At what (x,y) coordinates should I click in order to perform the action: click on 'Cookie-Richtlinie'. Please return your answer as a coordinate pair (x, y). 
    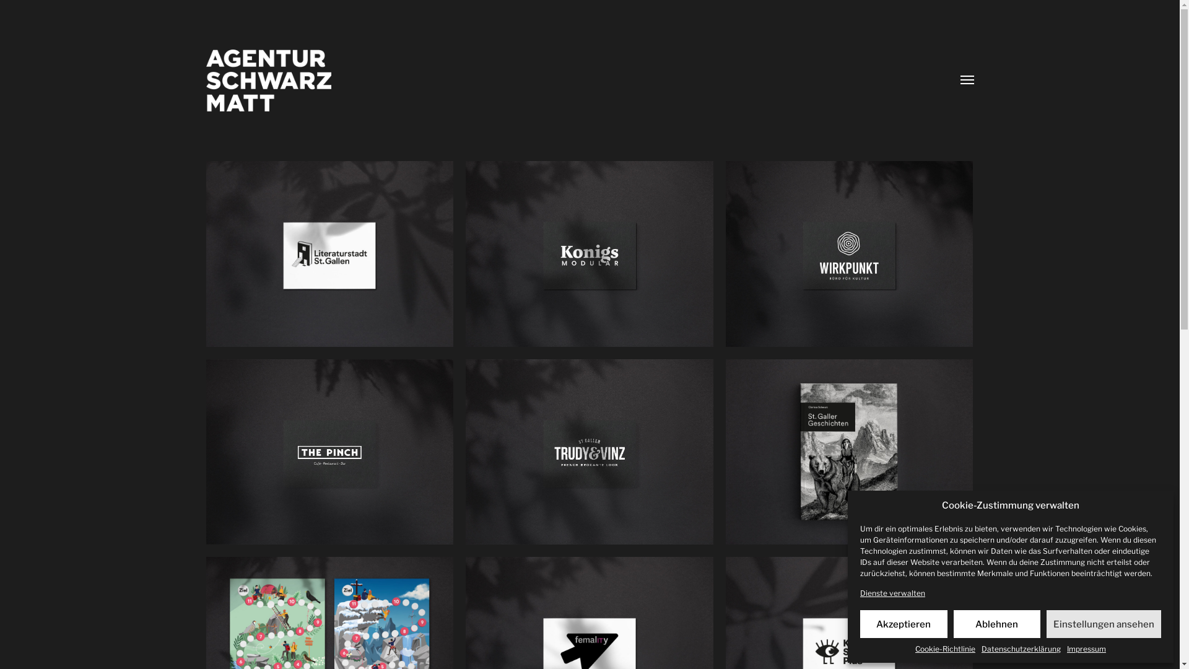
    Looking at the image, I should click on (944, 648).